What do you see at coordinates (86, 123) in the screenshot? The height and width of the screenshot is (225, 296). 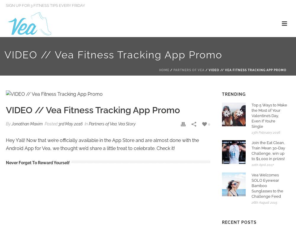 I see `'In'` at bounding box center [86, 123].